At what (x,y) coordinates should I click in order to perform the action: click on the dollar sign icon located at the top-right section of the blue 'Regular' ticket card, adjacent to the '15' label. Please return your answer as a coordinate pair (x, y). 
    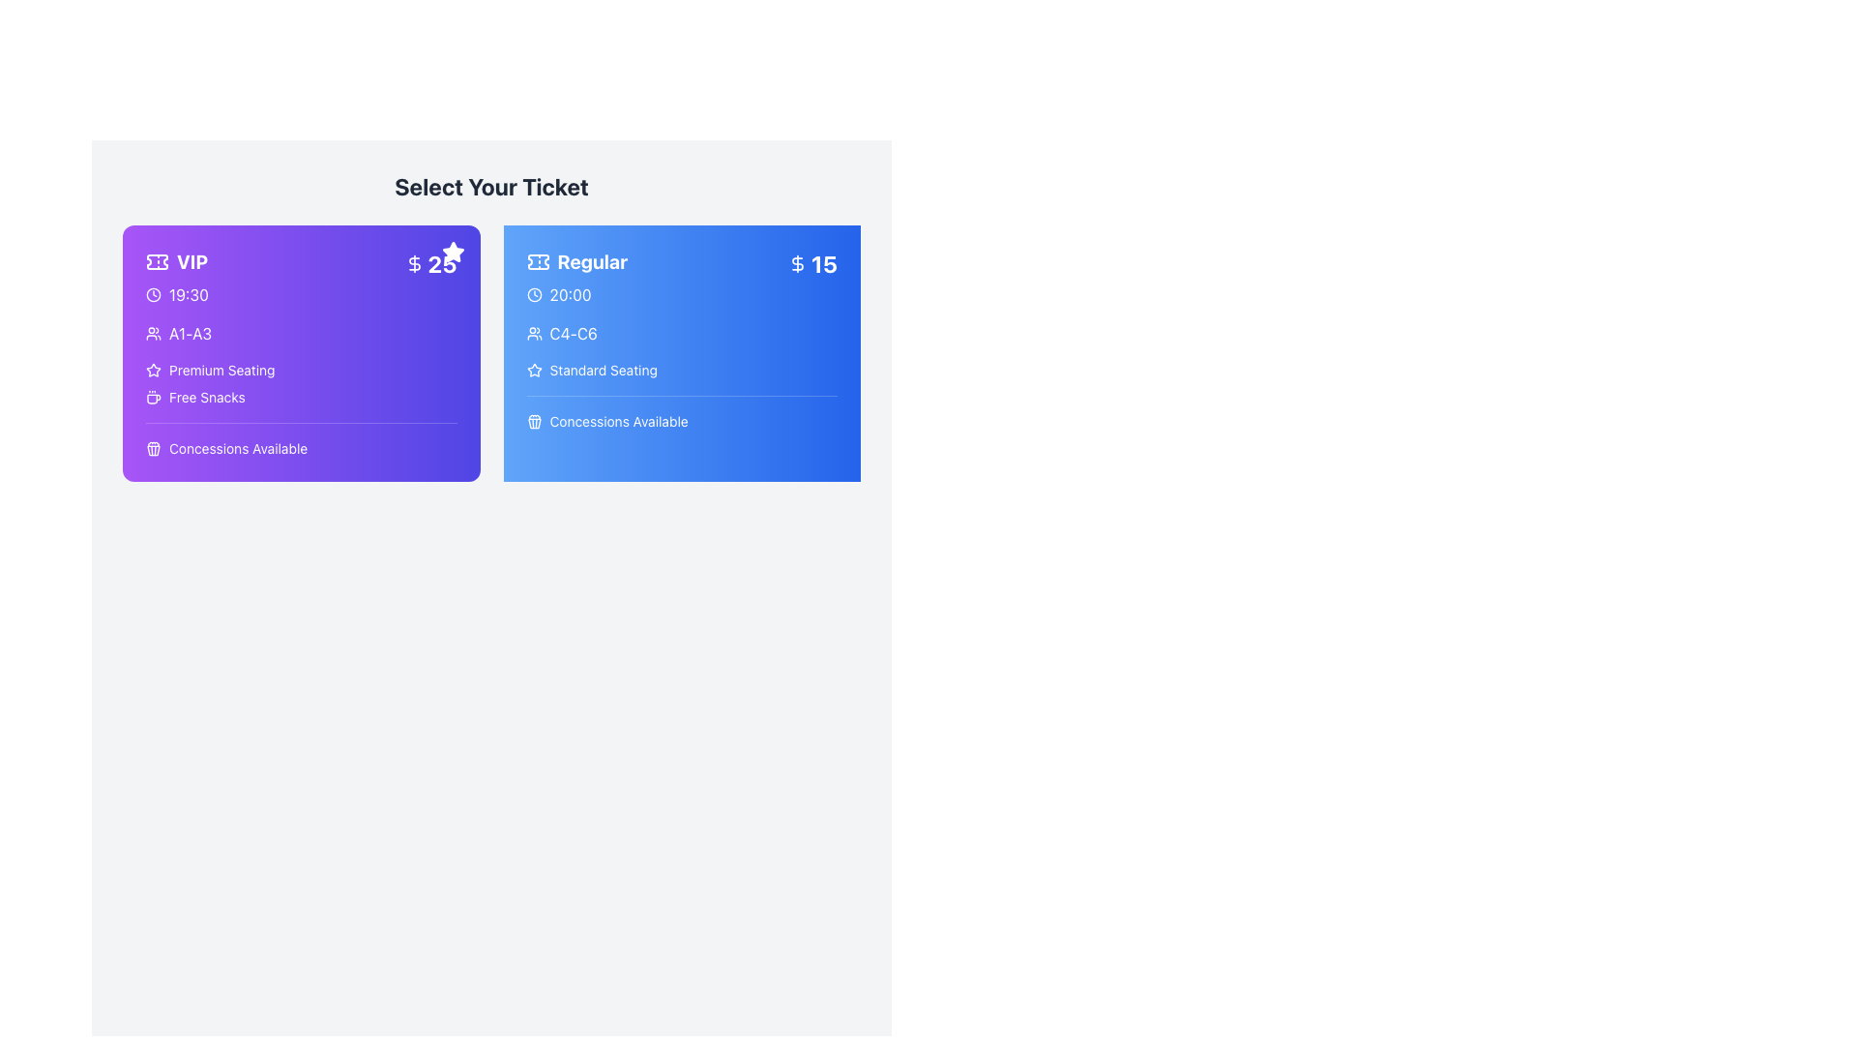
    Looking at the image, I should click on (798, 264).